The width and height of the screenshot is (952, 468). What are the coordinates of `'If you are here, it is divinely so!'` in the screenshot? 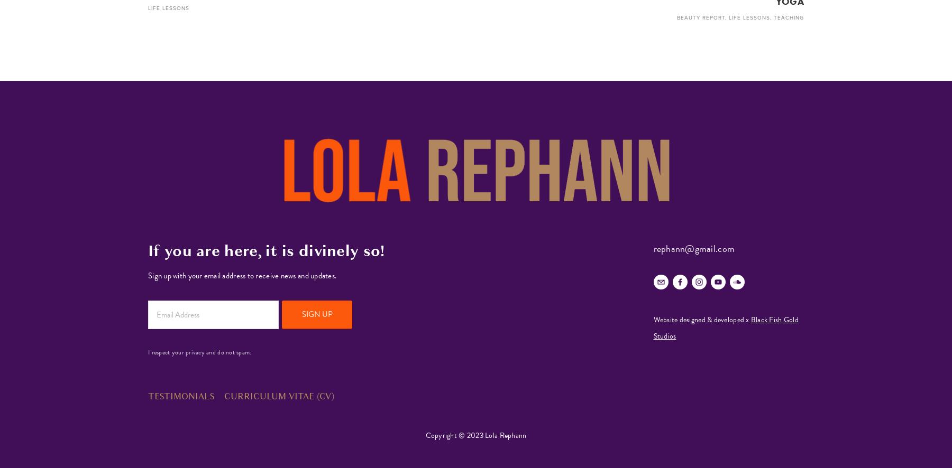 It's located at (266, 250).